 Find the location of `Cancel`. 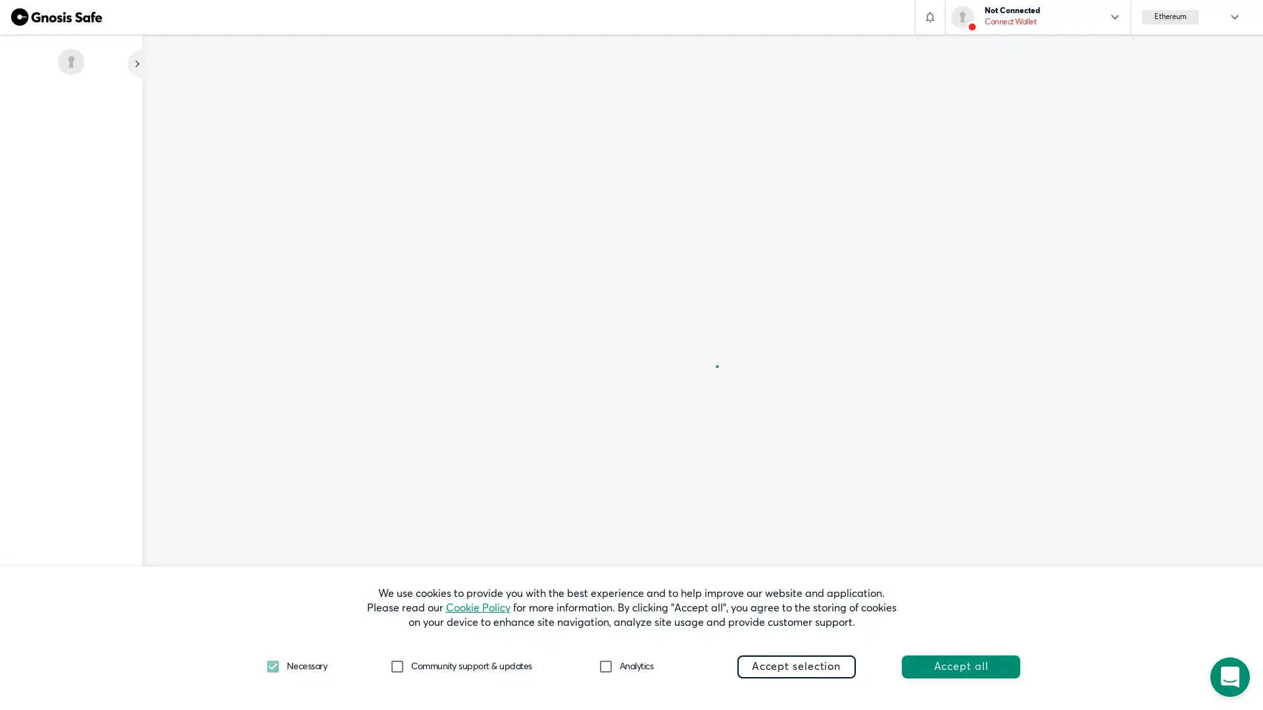

Cancel is located at coordinates (413, 240).